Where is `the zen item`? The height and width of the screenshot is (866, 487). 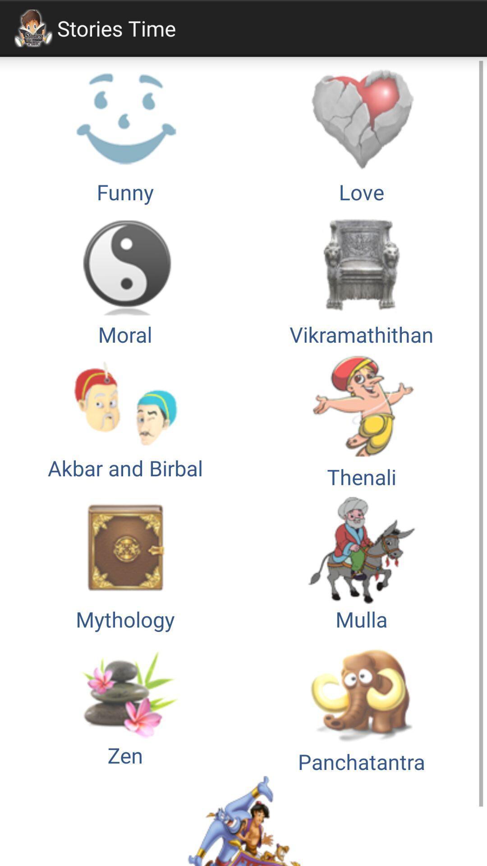
the zen item is located at coordinates (125, 704).